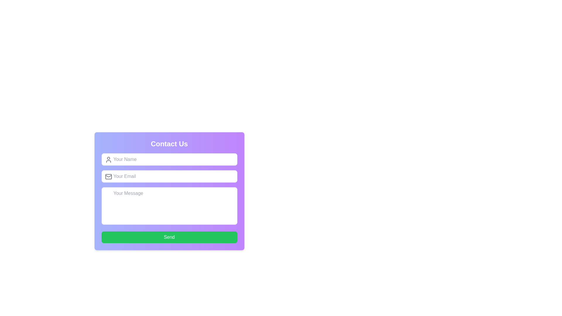 This screenshot has height=316, width=562. I want to click on the green 'Send' button at the bottom of the form, so click(169, 237).